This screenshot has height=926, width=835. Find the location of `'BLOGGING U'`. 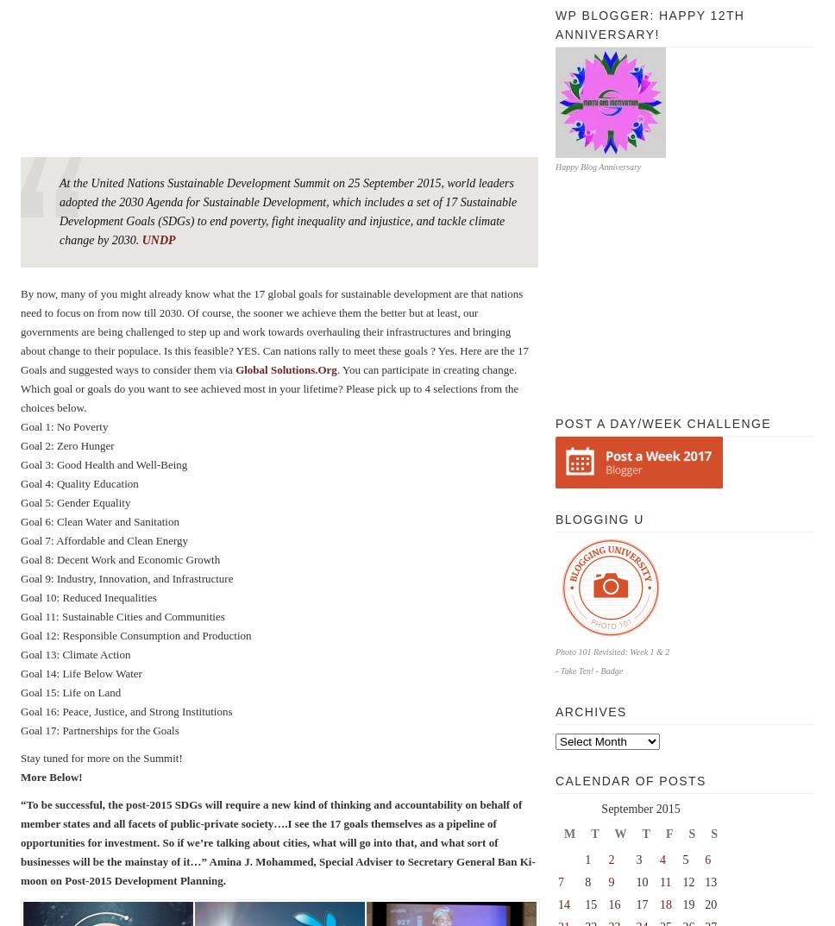

'BLOGGING U' is located at coordinates (555, 518).